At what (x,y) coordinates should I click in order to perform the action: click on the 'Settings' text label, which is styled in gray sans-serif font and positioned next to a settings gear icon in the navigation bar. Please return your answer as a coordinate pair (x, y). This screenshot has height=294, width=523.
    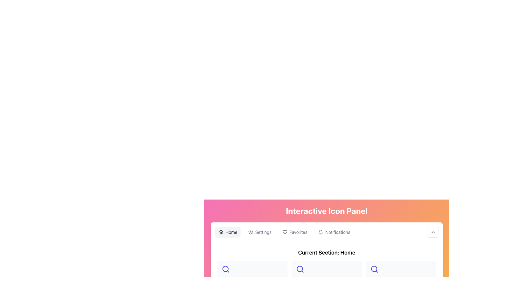
    Looking at the image, I should click on (263, 232).